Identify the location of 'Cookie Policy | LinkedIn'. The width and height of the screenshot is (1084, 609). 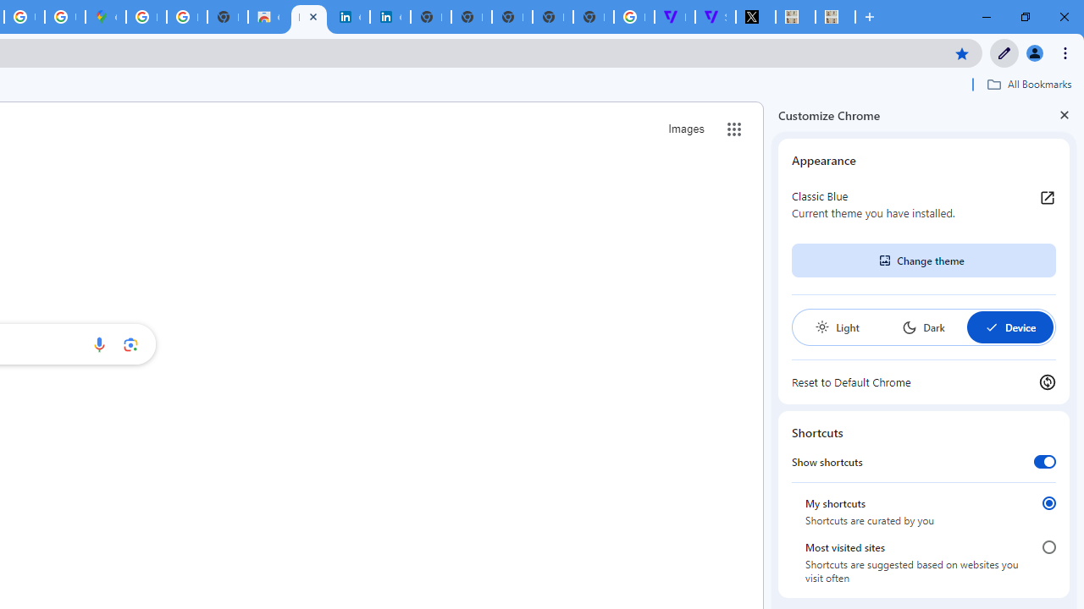
(389, 17).